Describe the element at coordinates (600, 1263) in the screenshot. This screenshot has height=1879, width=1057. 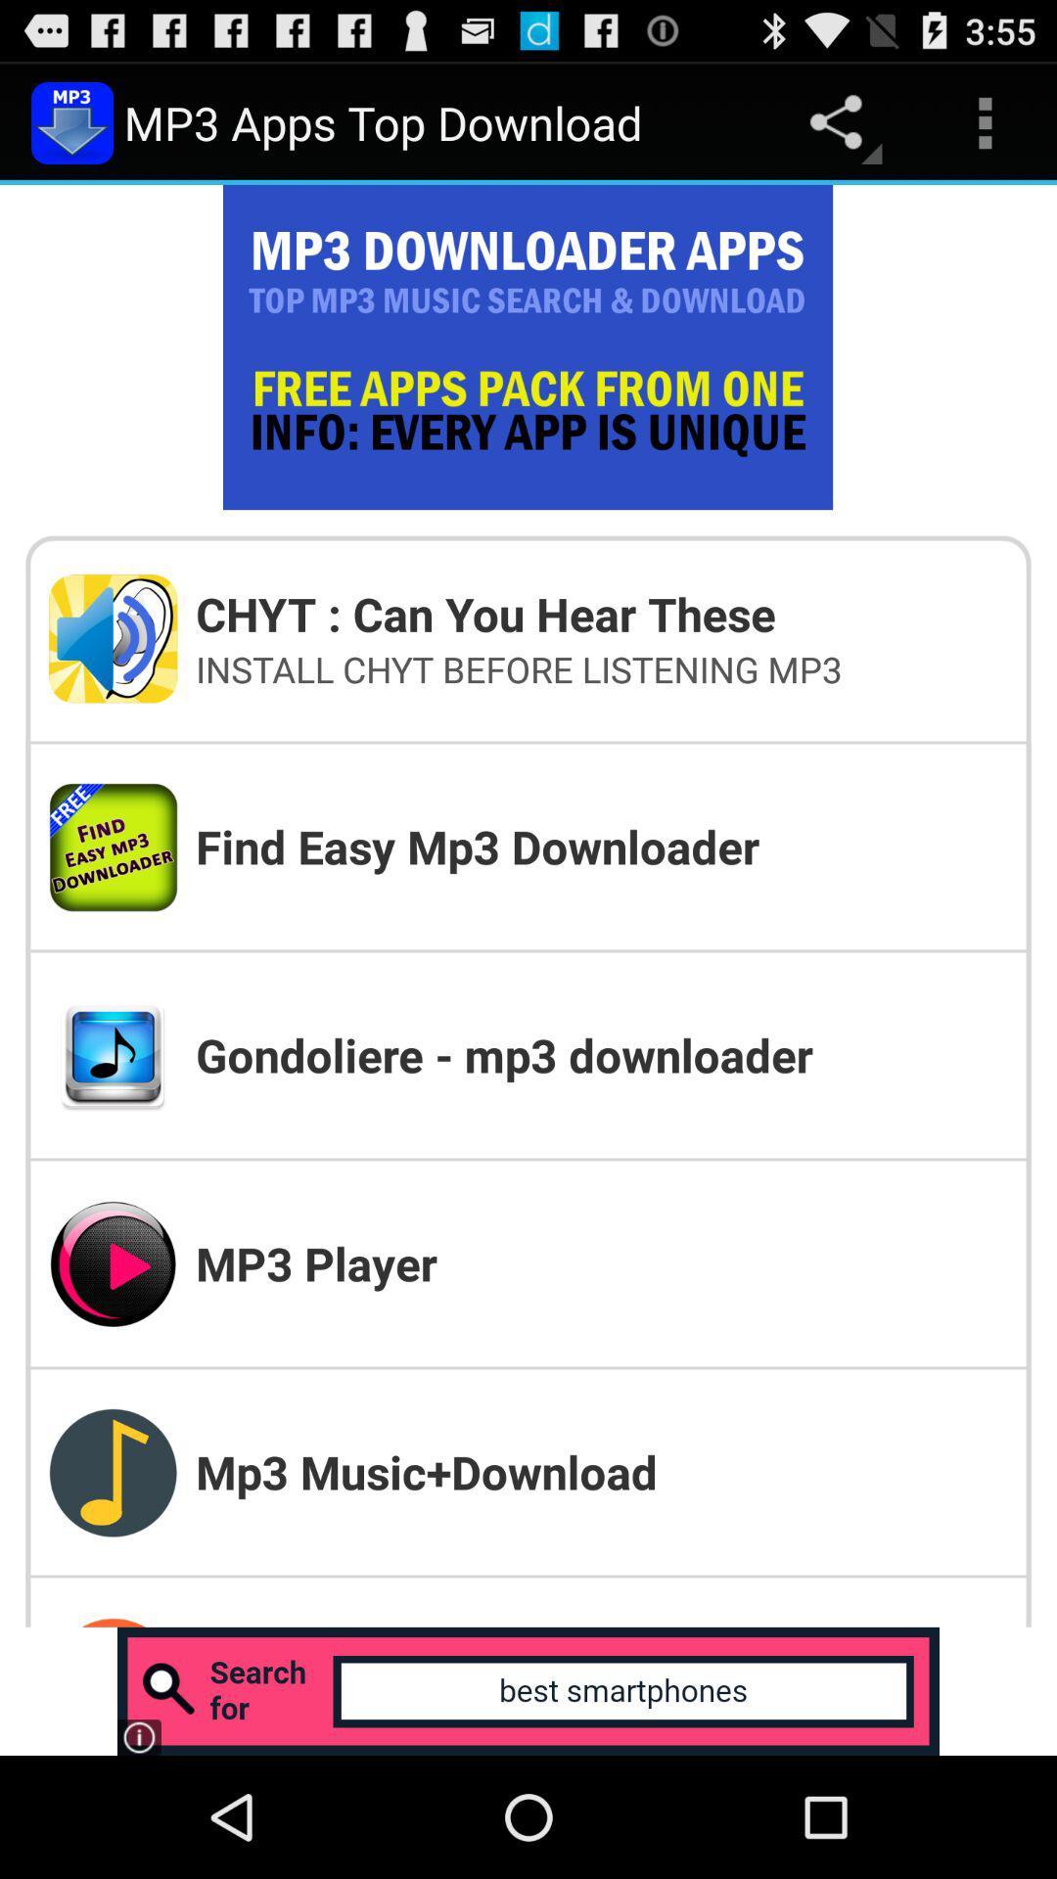
I see `the mp3 player icon` at that location.